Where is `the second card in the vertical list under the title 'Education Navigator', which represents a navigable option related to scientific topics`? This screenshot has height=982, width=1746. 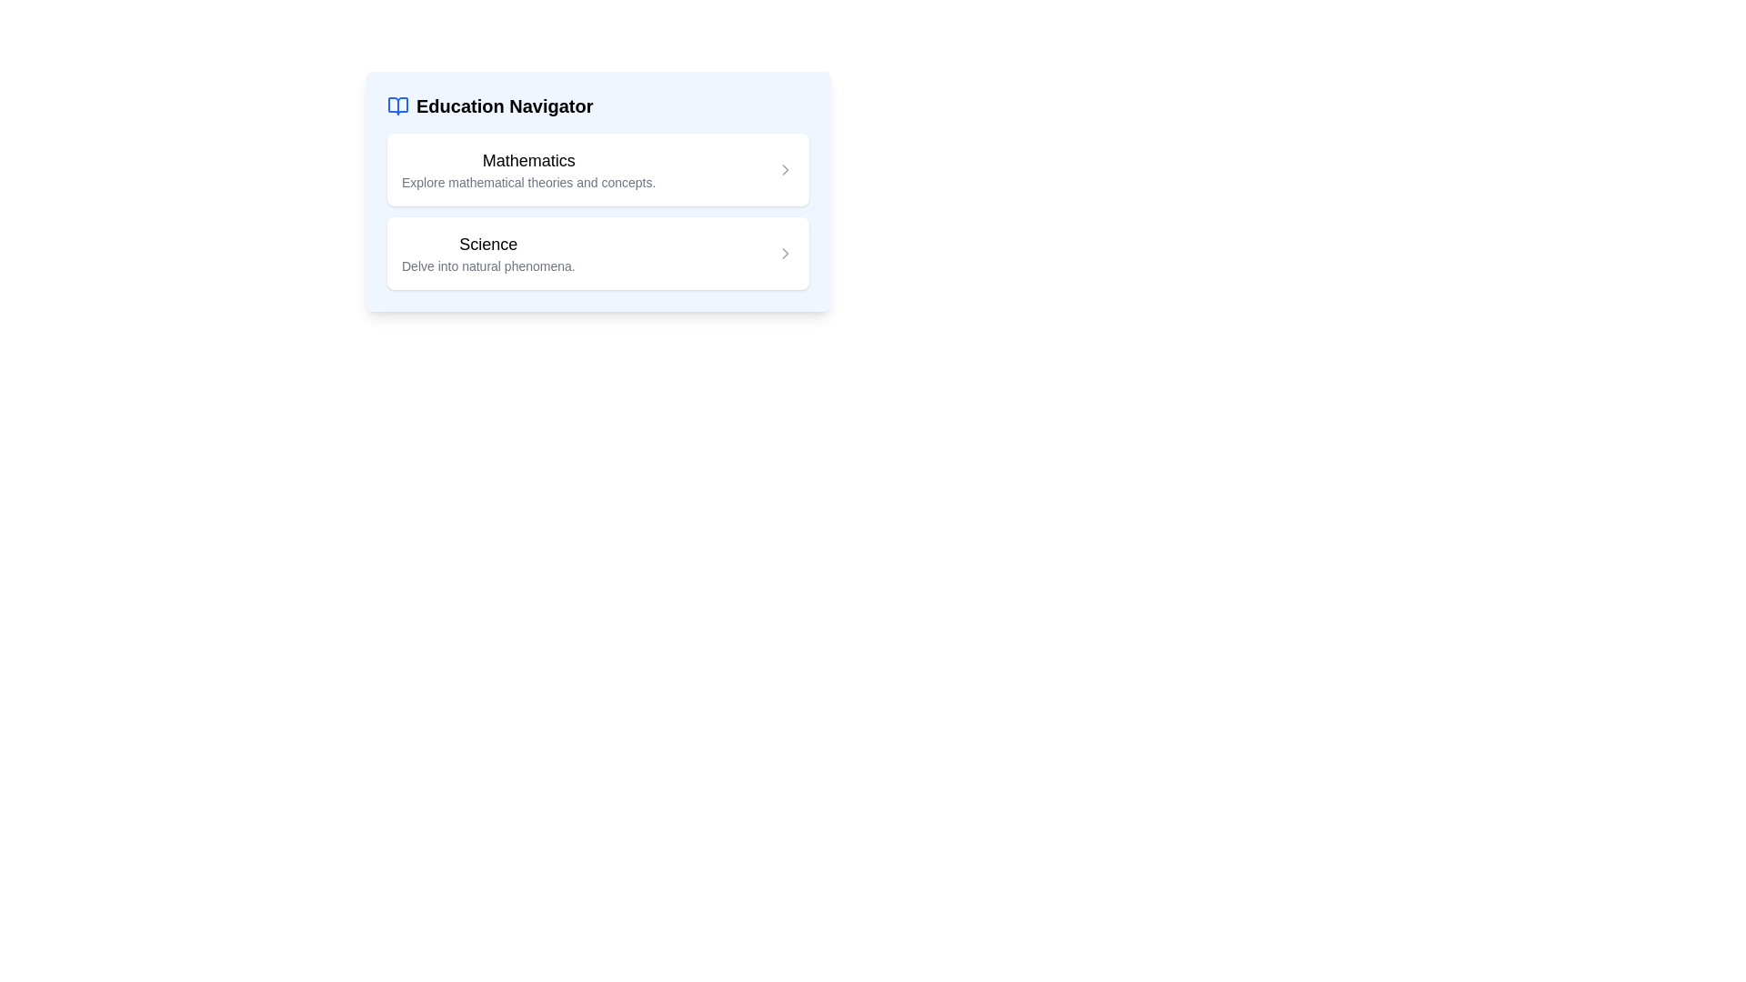
the second card in the vertical list under the title 'Education Navigator', which represents a navigable option related to scientific topics is located at coordinates (597, 253).